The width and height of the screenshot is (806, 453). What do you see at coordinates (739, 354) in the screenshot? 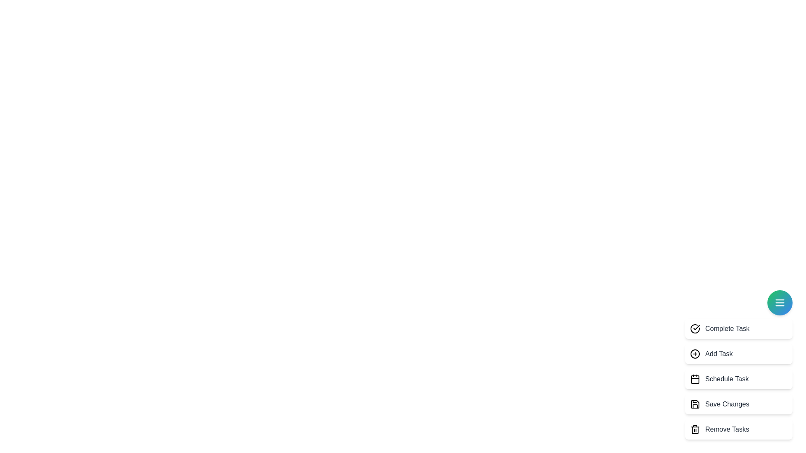
I see `the task option labeled 'Add Task' to select it` at bounding box center [739, 354].